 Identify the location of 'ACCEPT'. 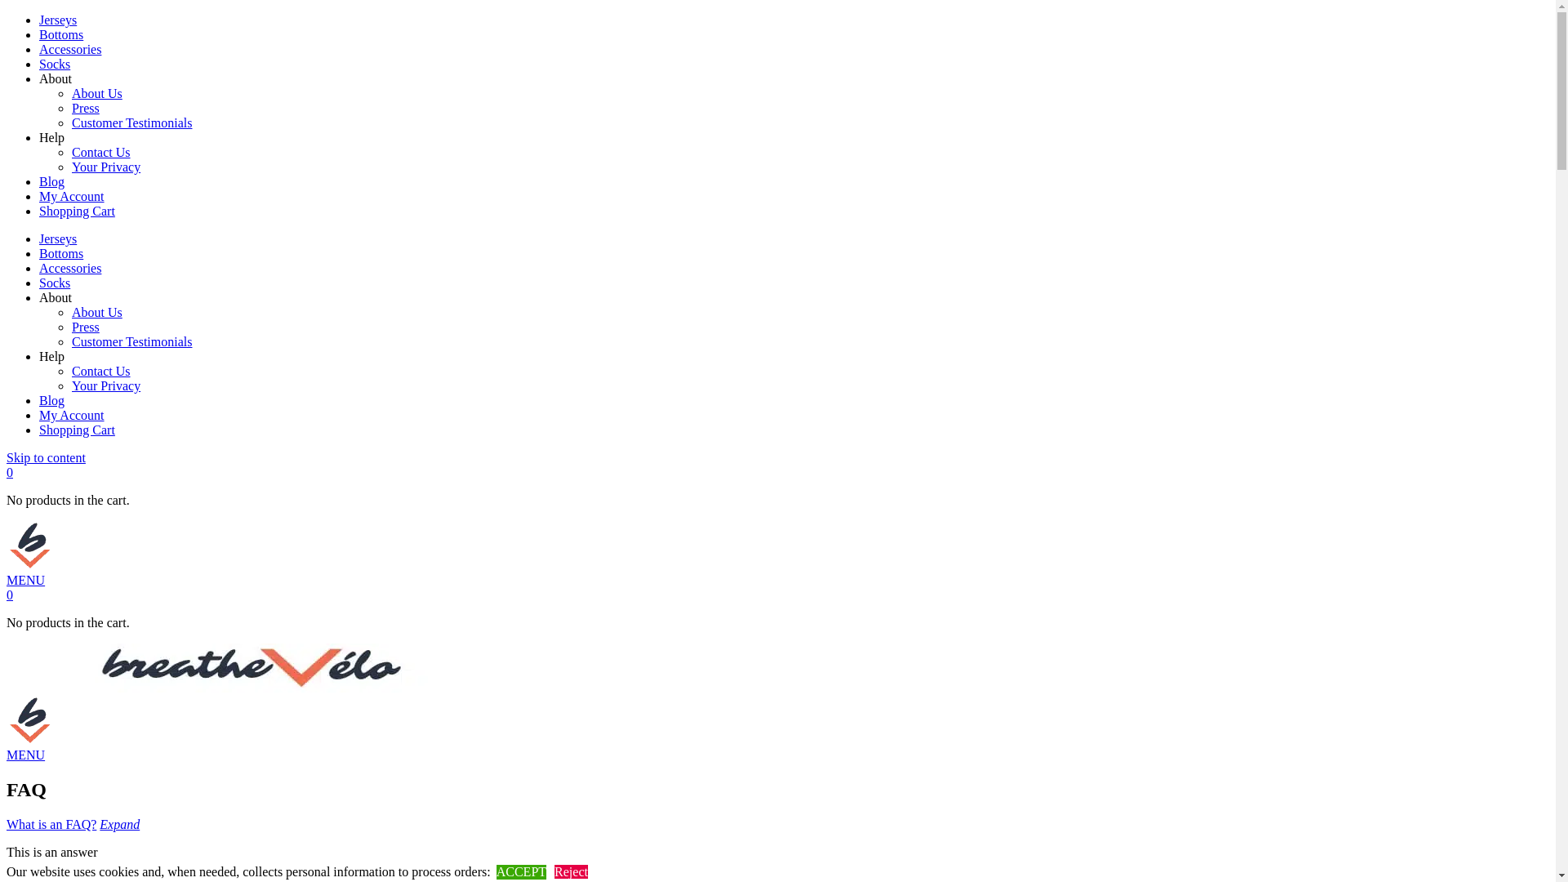
(520, 871).